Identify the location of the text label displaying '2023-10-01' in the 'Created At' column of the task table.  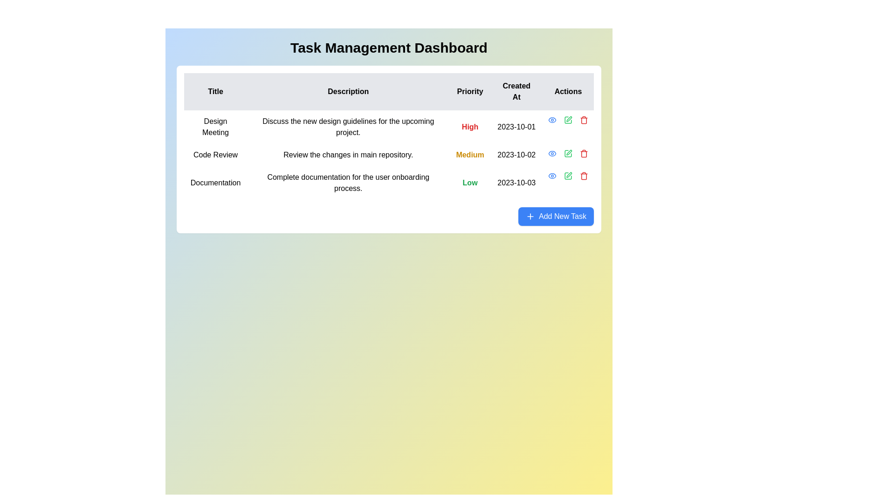
(516, 127).